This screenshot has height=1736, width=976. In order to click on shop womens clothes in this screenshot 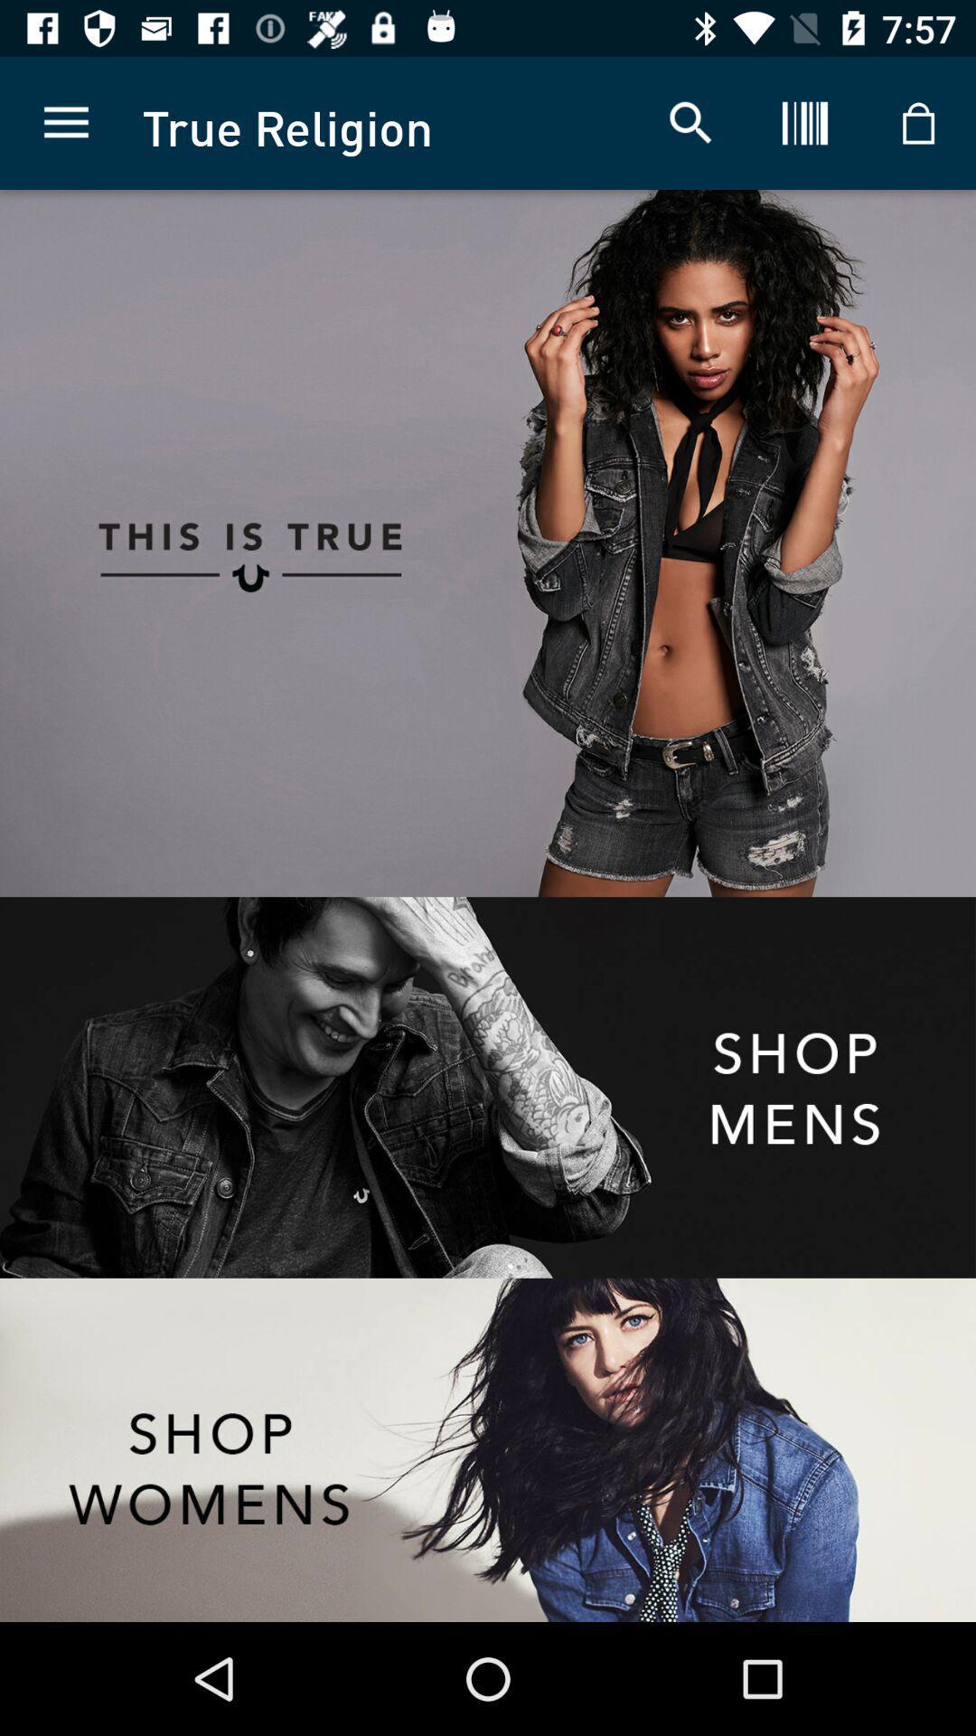, I will do `click(488, 1449)`.